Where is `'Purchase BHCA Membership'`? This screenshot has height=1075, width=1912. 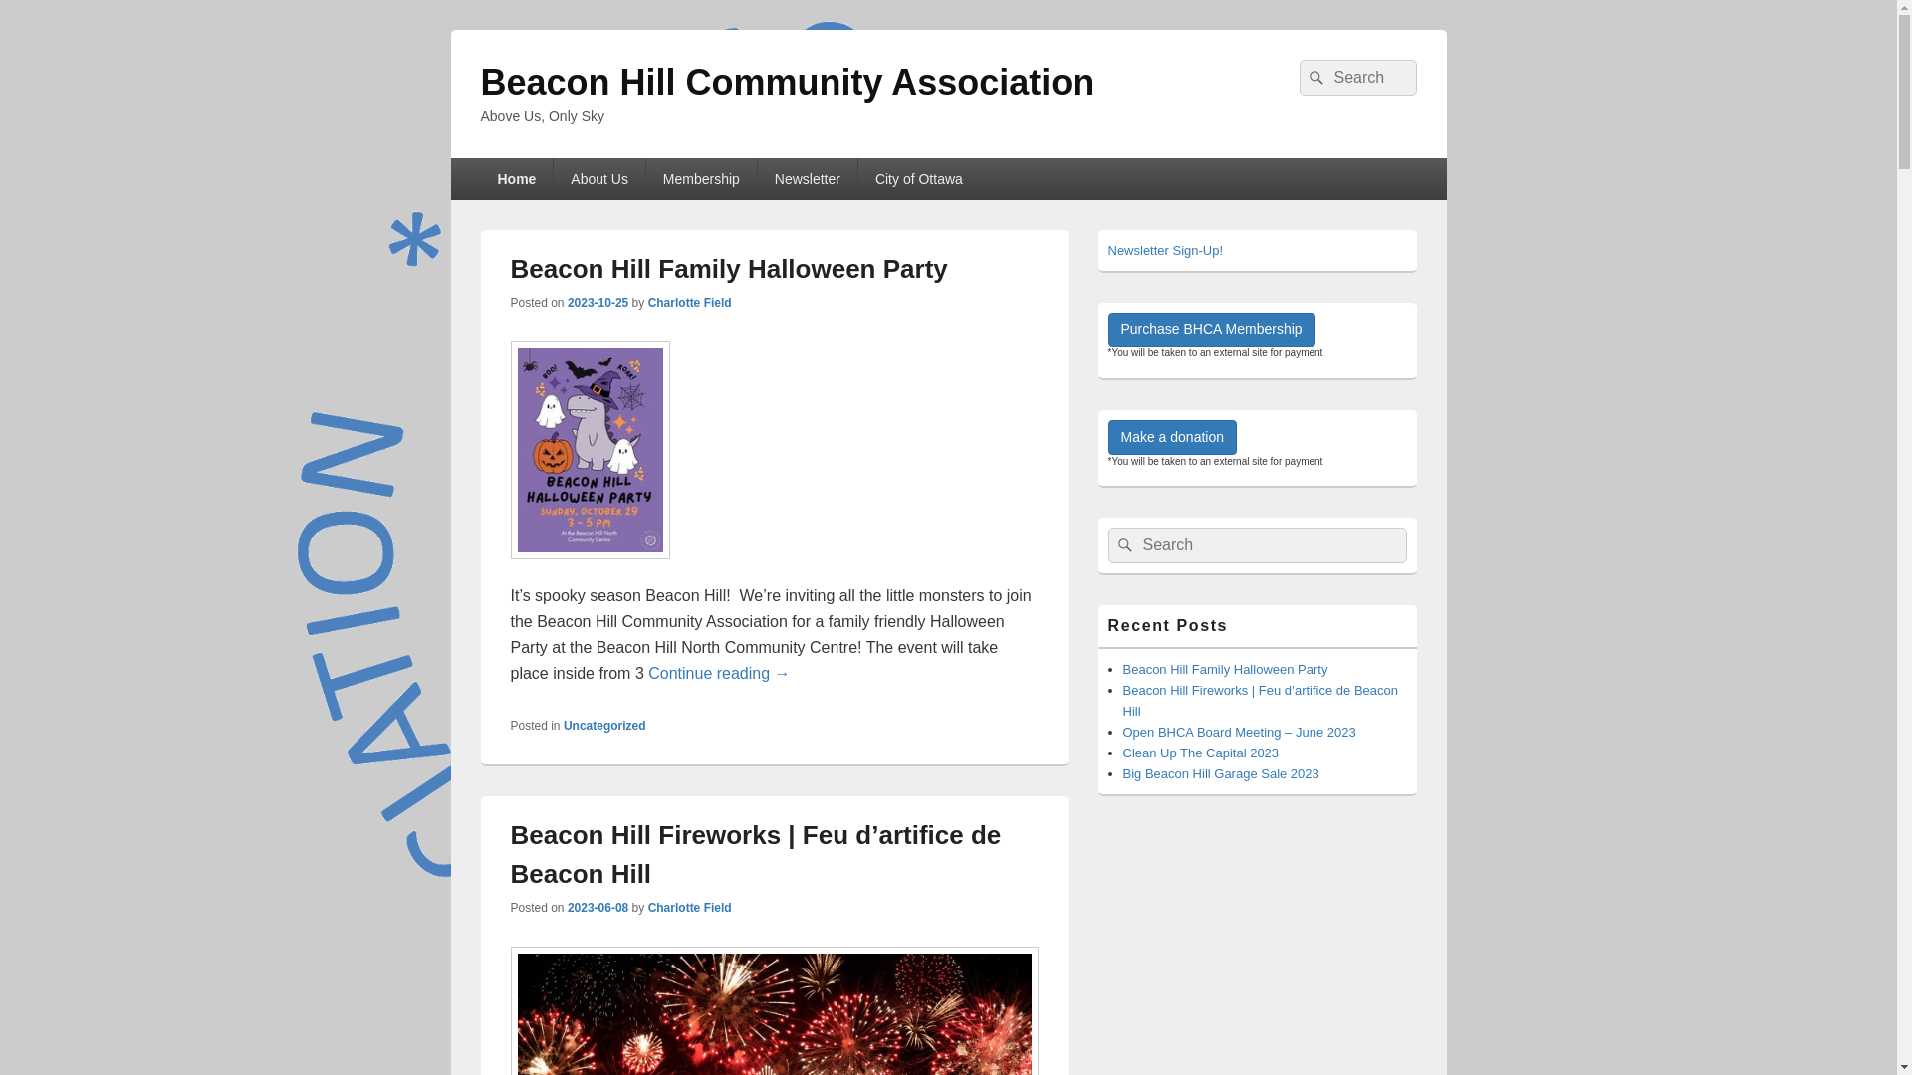
'Purchase BHCA Membership' is located at coordinates (1209, 328).